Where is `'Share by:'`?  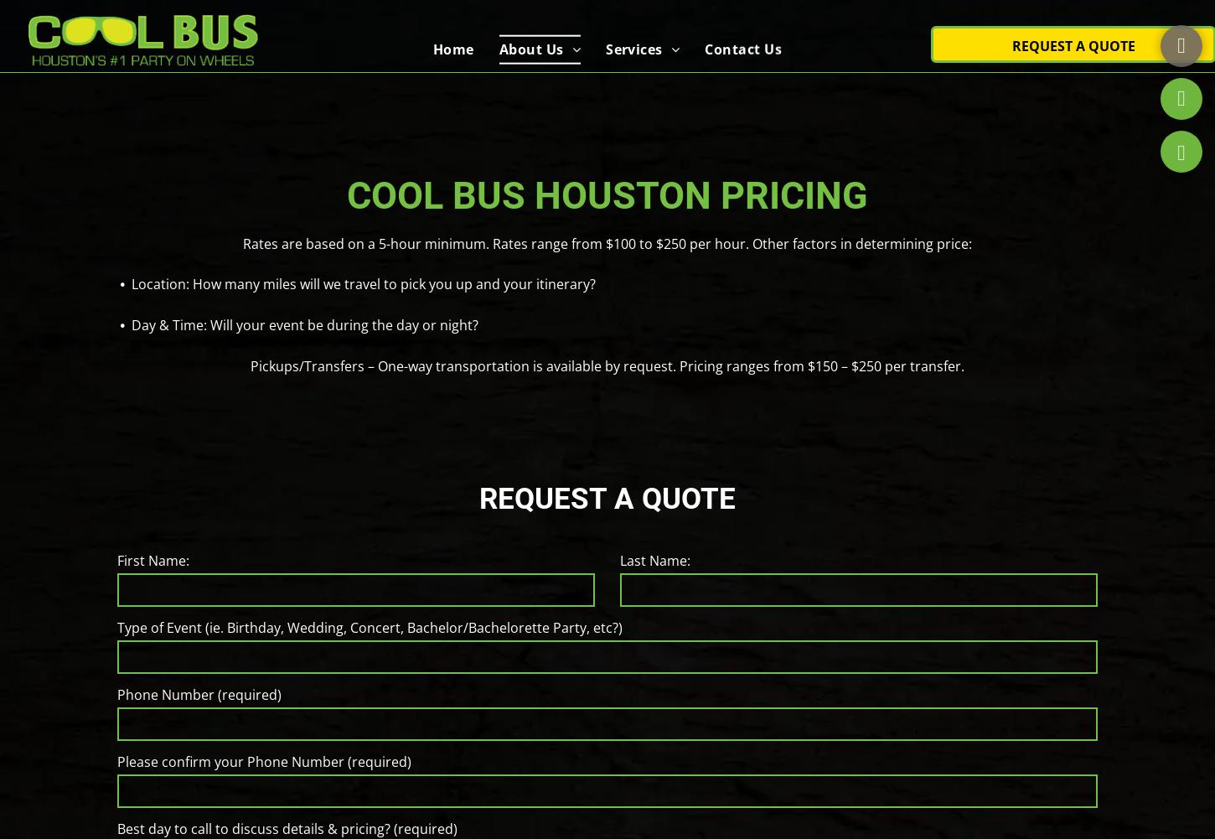
'Share by:' is located at coordinates (69, 42).